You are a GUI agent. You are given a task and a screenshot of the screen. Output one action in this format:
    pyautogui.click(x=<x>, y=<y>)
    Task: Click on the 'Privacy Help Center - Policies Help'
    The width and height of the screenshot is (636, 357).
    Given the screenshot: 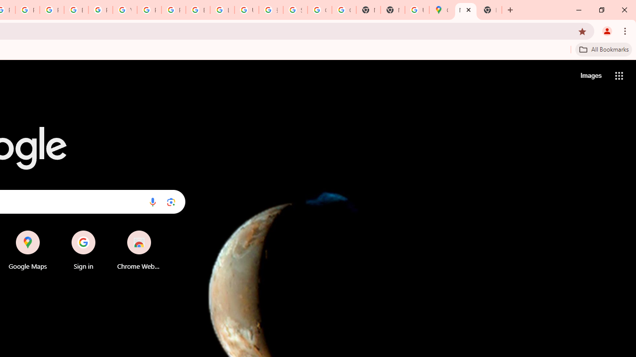 What is the action you would take?
    pyautogui.click(x=51, y=10)
    